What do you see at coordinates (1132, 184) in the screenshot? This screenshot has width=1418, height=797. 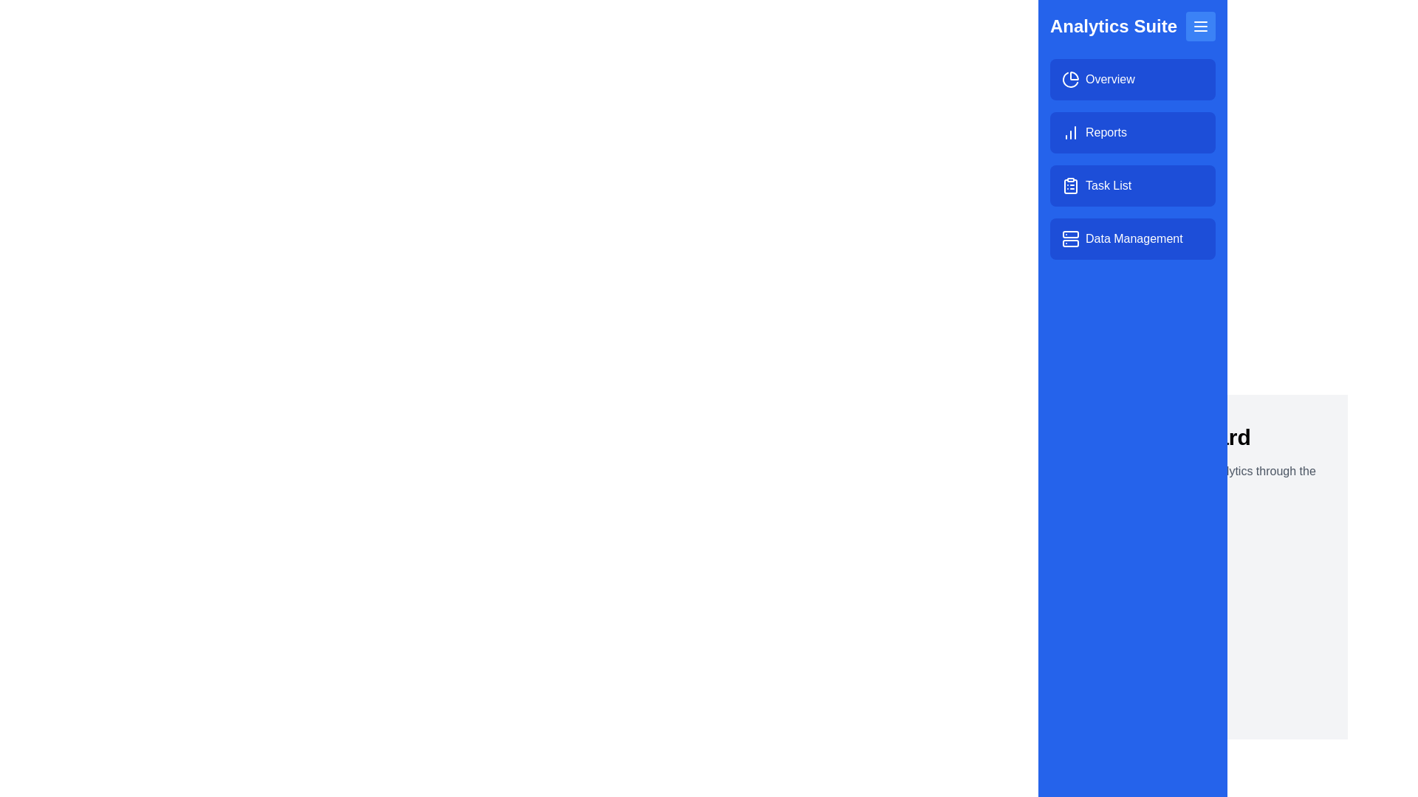 I see `the menu item labeled Task List` at bounding box center [1132, 184].